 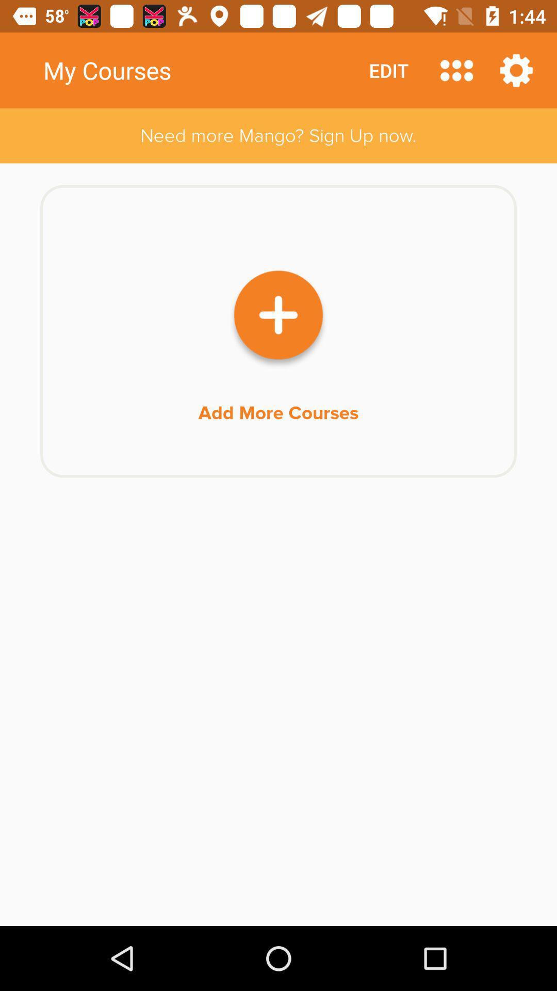 I want to click on settings button, so click(x=516, y=70).